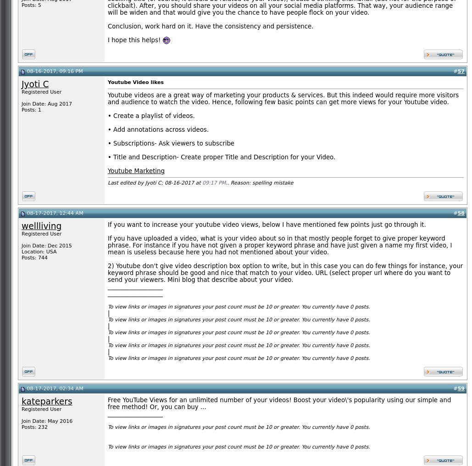  What do you see at coordinates (283, 98) in the screenshot?
I see `'Youtube videos are a great way of marketing your products & services. But this indeed would require more visitors and audience to watch the video. Hence, following few basic points can get more views for your Youtube video.'` at bounding box center [283, 98].